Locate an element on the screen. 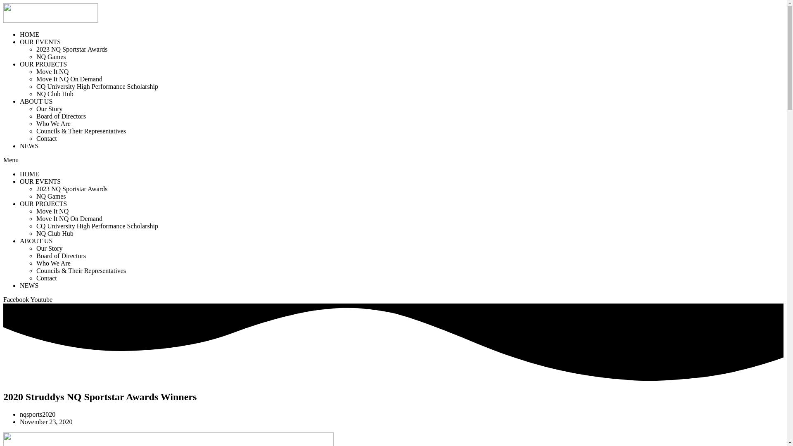 The height and width of the screenshot is (446, 793). '2023 NQ Sportstar Awards' is located at coordinates (36, 189).